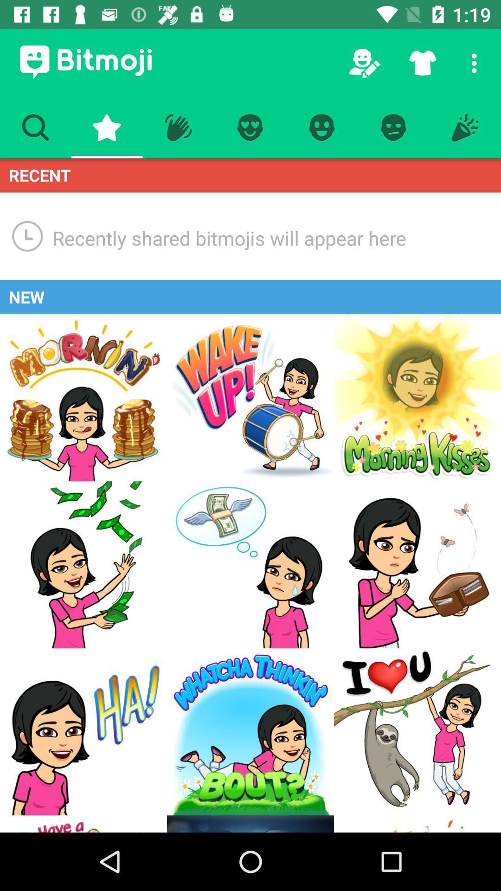  Describe the element at coordinates (417, 398) in the screenshot. I see `morning kisses` at that location.